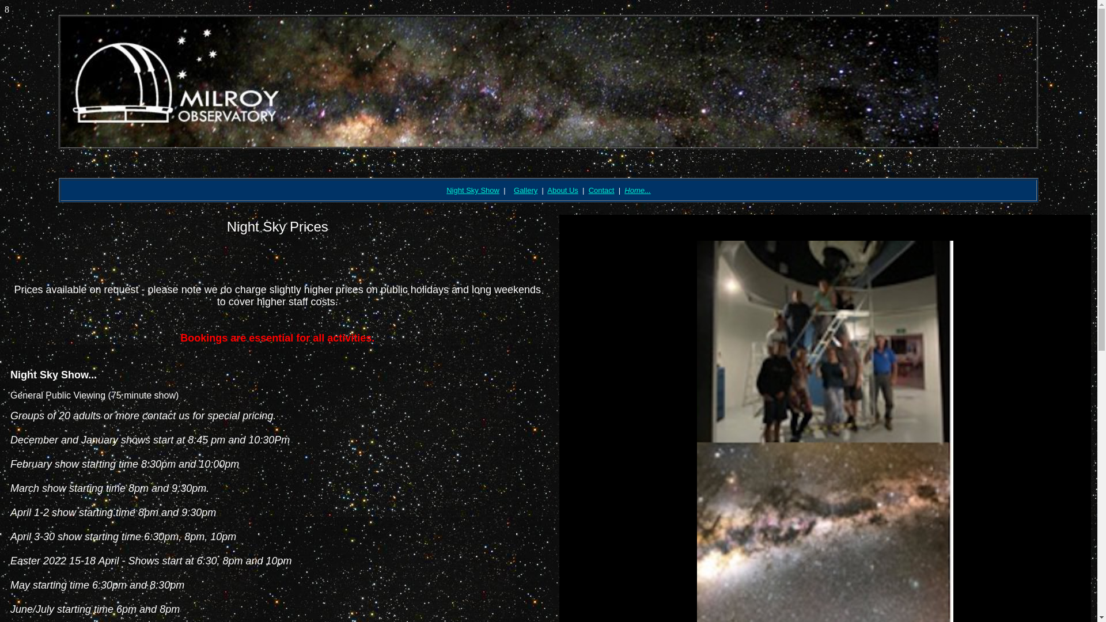 The image size is (1106, 622). What do you see at coordinates (547, 189) in the screenshot?
I see `'About Us'` at bounding box center [547, 189].